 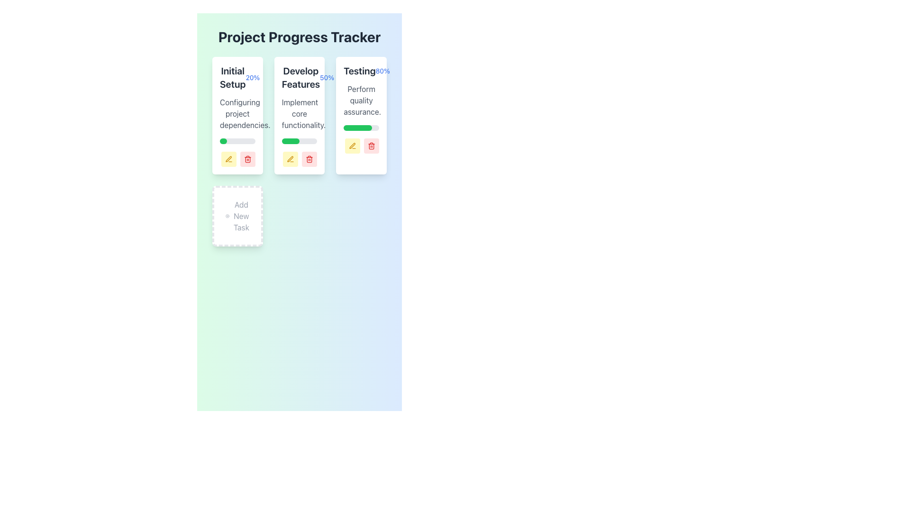 What do you see at coordinates (299, 36) in the screenshot?
I see `text of the heading that serves as the title for the project tracking section, located at the top of the interface and centered horizontally above the progress information grid` at bounding box center [299, 36].